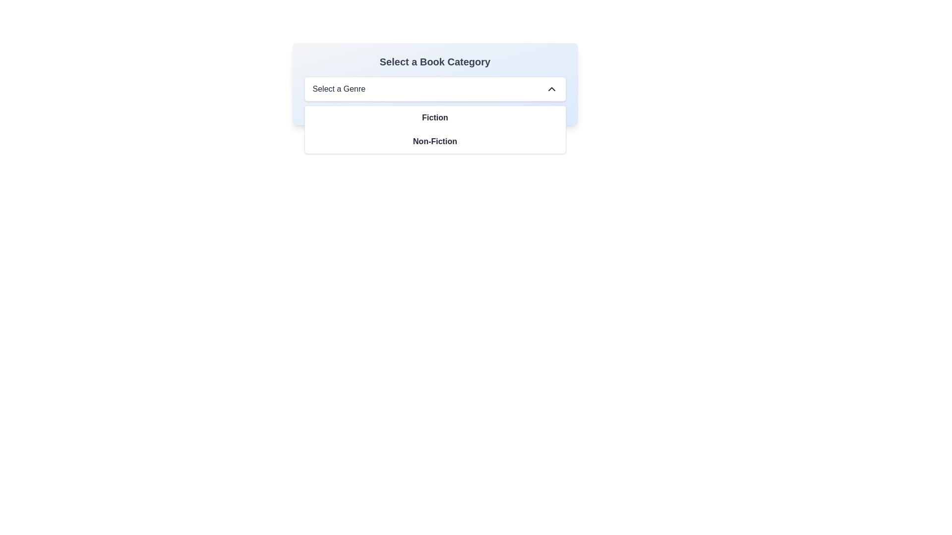  Describe the element at coordinates (435, 141) in the screenshot. I see `the 'Non-Fiction' menu option in the 'Select a Genre' dropdown` at that location.